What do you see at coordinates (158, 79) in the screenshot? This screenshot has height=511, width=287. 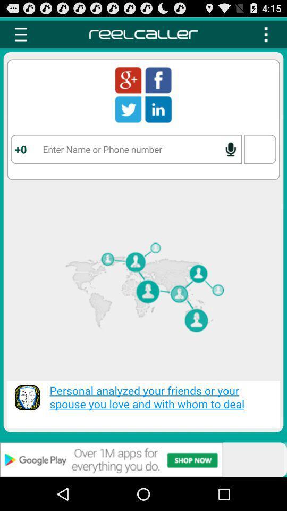 I see `using the facebook` at bounding box center [158, 79].